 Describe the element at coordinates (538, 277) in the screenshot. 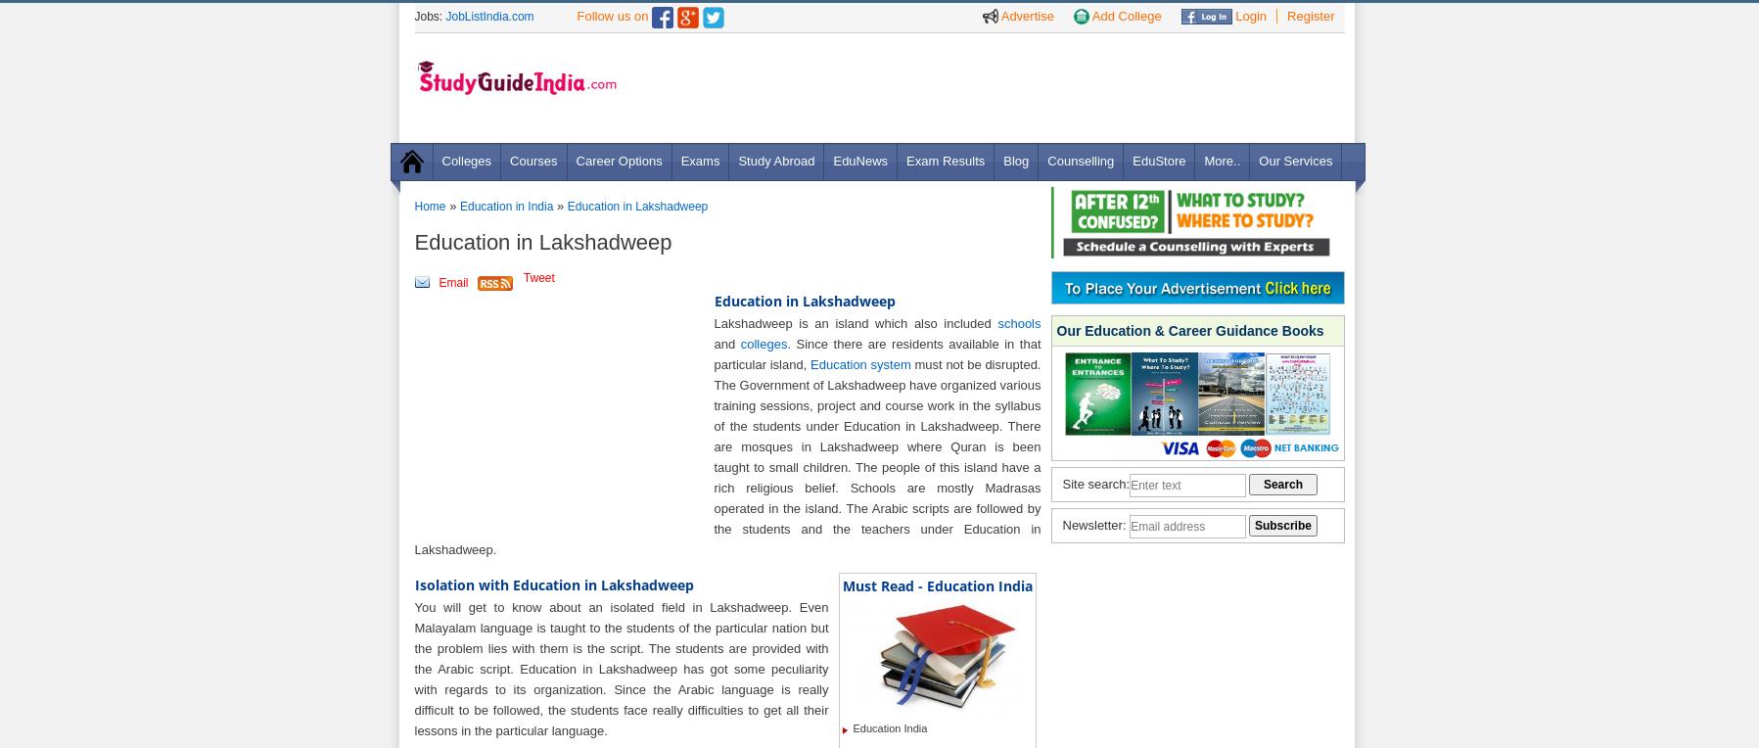

I see `'Tweet'` at that location.